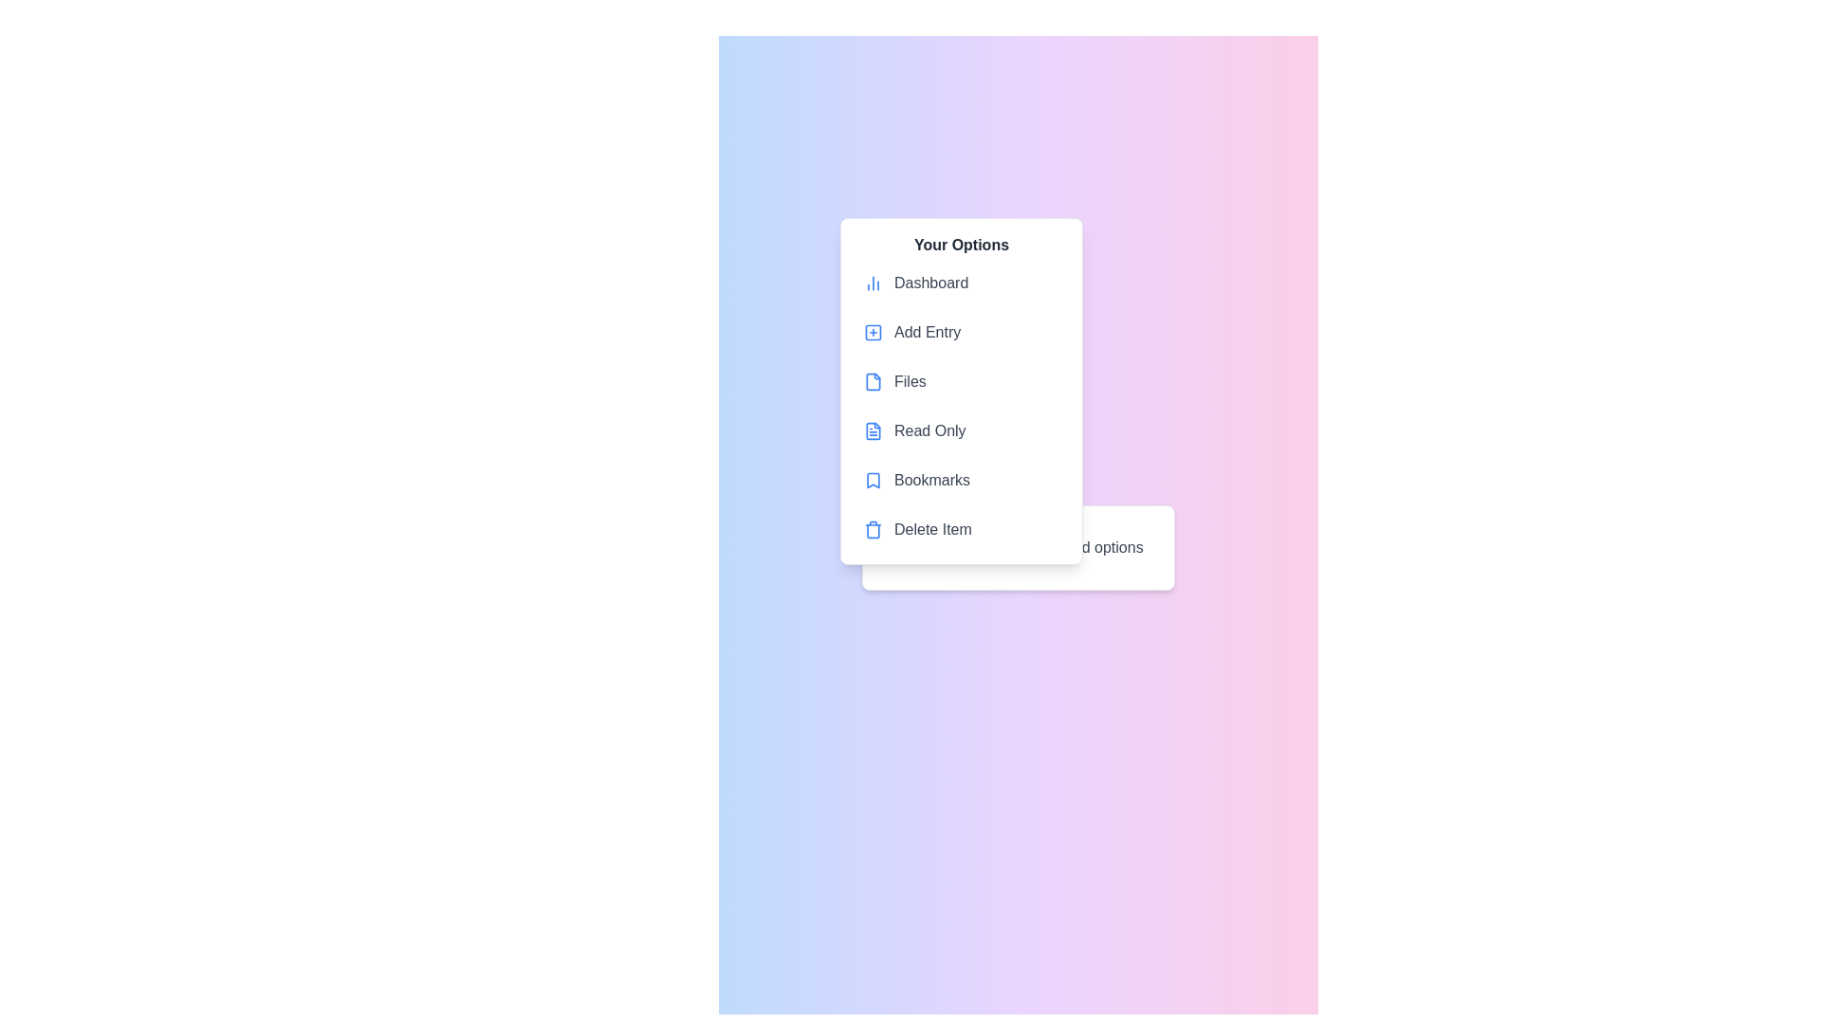  I want to click on the menu item Files to highlight it, so click(961, 381).